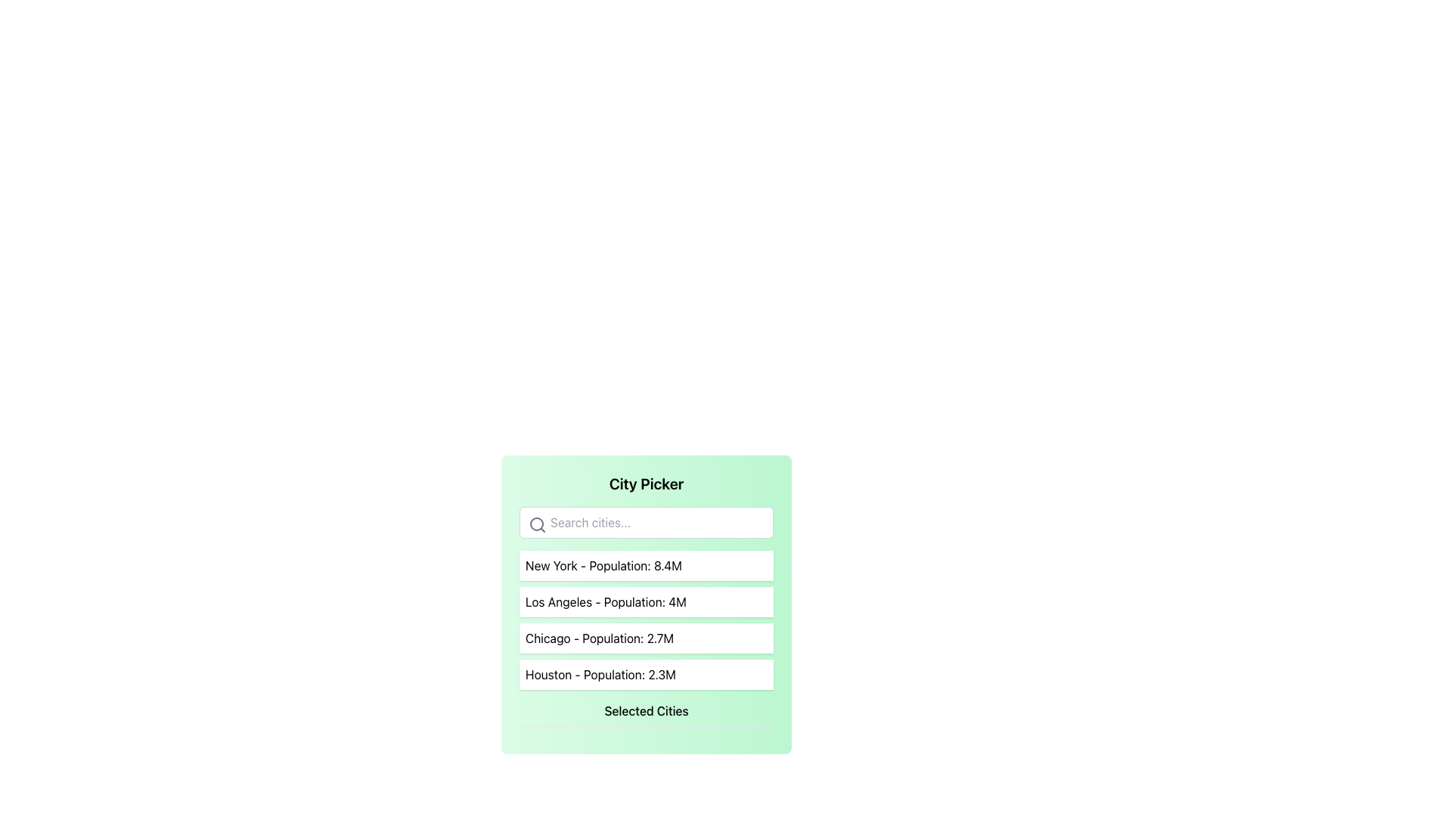 Image resolution: width=1452 pixels, height=817 pixels. What do you see at coordinates (646, 673) in the screenshot?
I see `the static text block displaying the name of the city and its population, which is the fourth item in a vertical list of cities` at bounding box center [646, 673].